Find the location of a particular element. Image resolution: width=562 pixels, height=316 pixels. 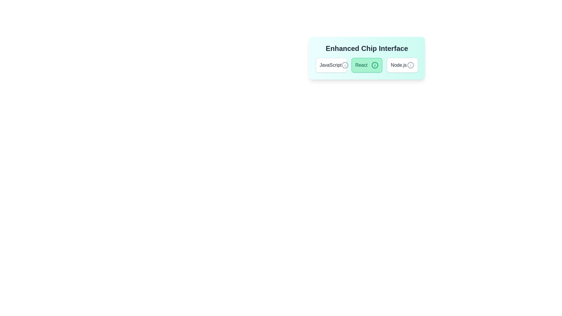

the chip labeled 'JavaScript' to view its tooltip is located at coordinates (331, 65).